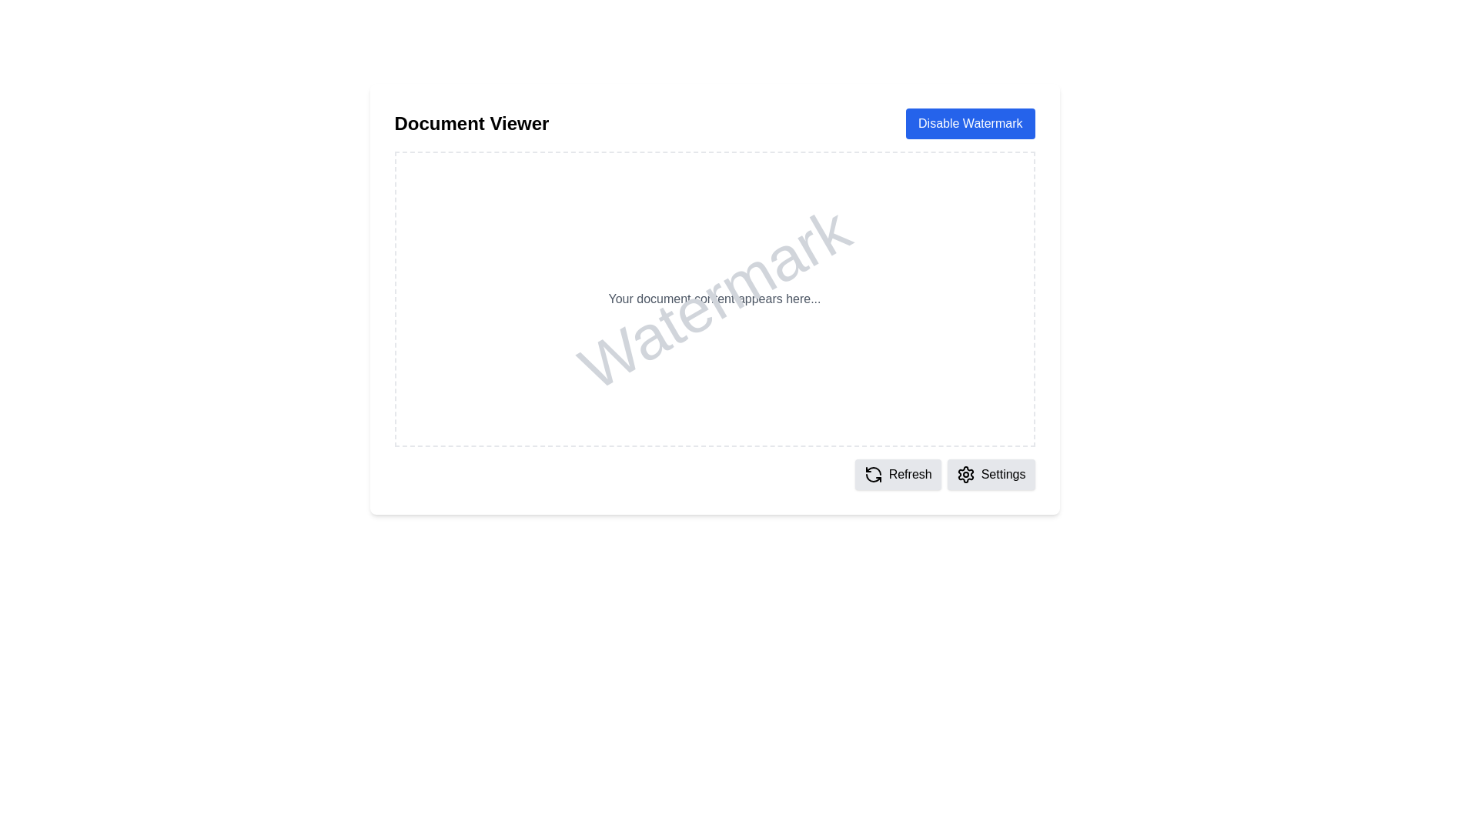  Describe the element at coordinates (969, 123) in the screenshot. I see `the button with the text 'Disable Watermark', which has a deep blue background and white text` at that location.